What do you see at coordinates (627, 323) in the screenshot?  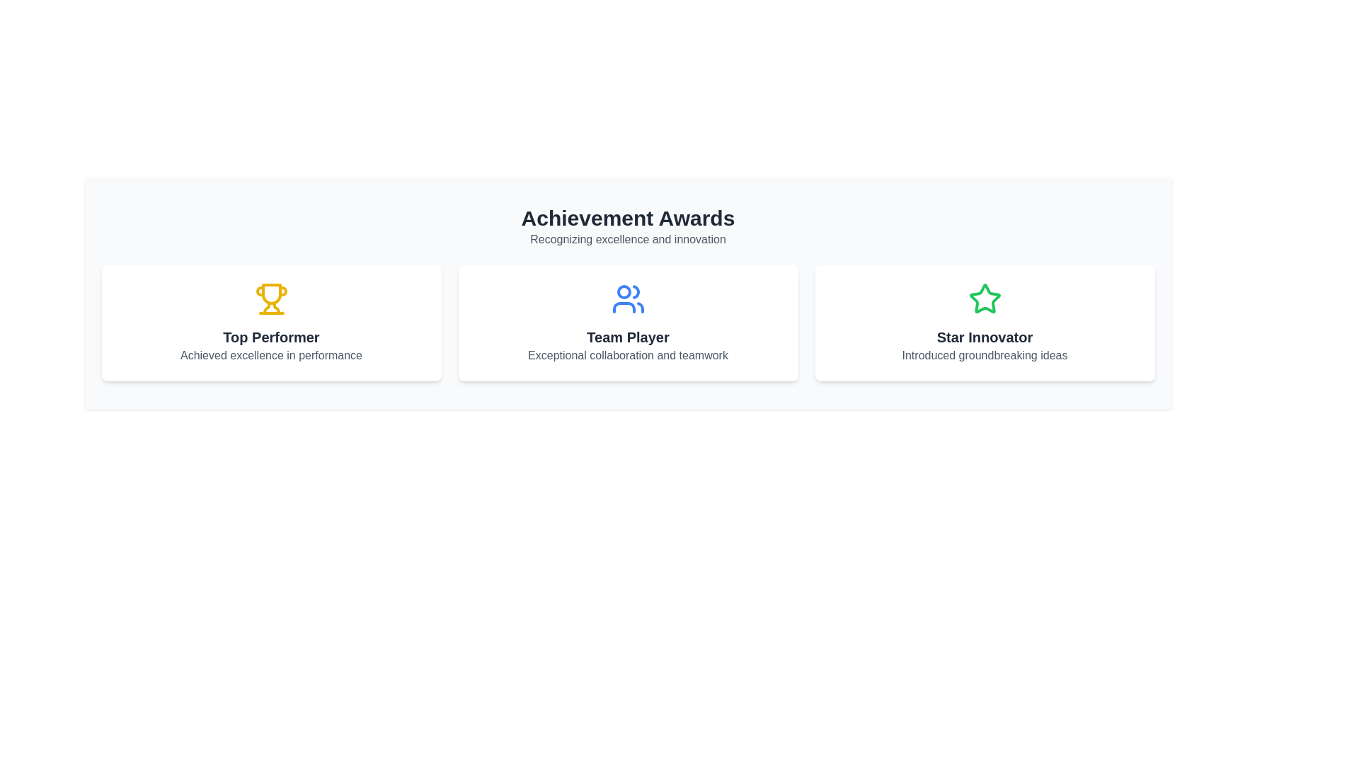 I see `the second informational display card in the 'Achievement Awards' section, which recognizes outstanding collaboration and teamwork` at bounding box center [627, 323].